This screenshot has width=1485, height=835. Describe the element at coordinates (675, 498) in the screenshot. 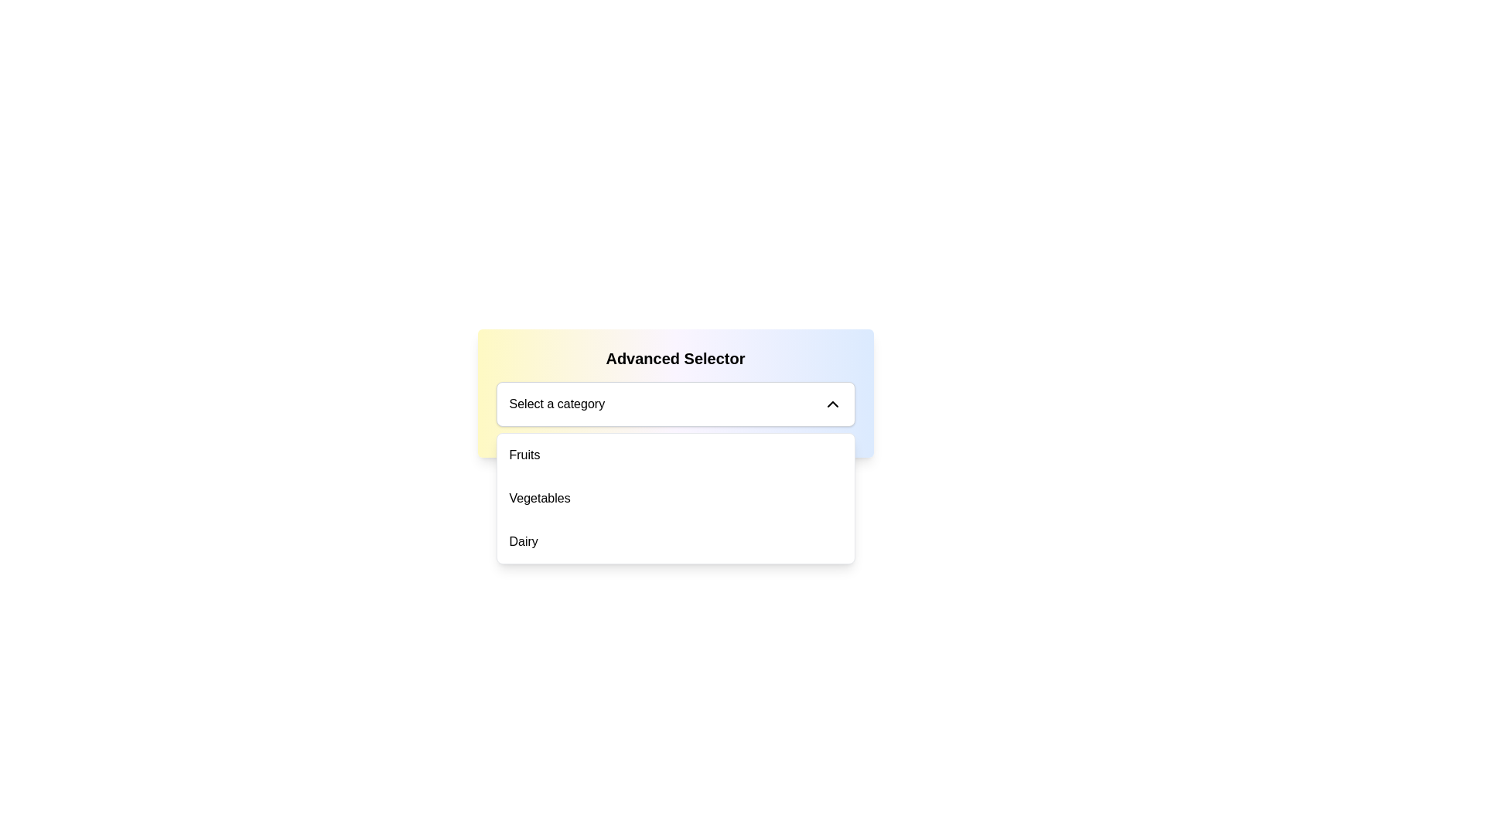

I see `the 'Vegetables' option in the dropdown menu, which is the second item in a list of three options` at that location.